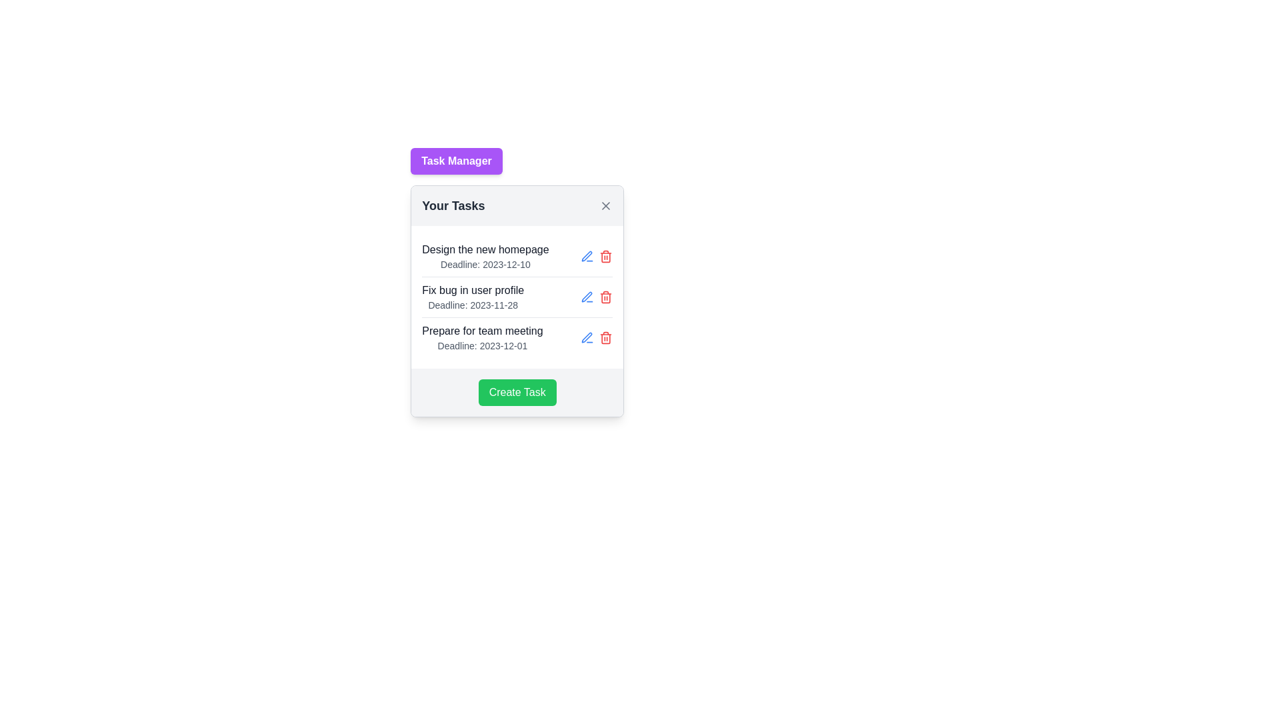 The image size is (1280, 720). What do you see at coordinates (587, 296) in the screenshot?
I see `the pen icon located to the right of the 'Fix bug in user profile' task entry to initiate editing` at bounding box center [587, 296].